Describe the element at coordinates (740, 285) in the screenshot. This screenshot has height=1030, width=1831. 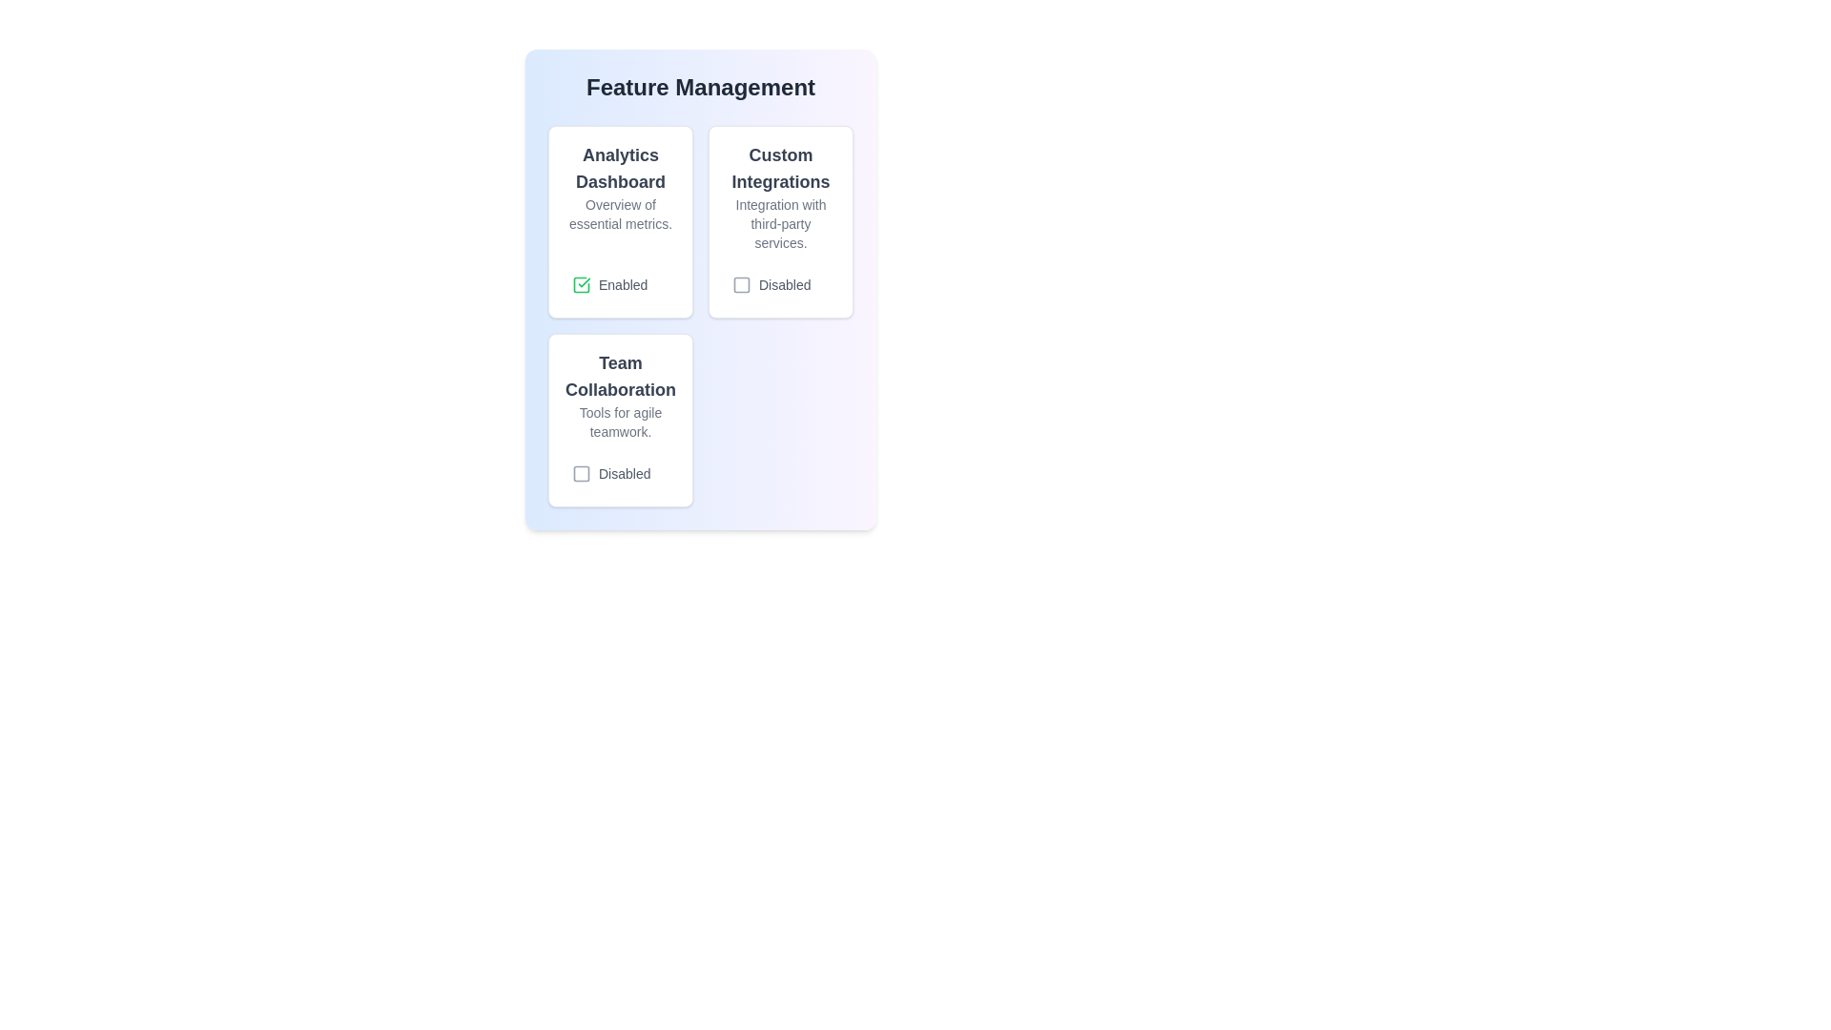
I see `the small square icon with rounded corners, styled with a red stroke, located to the left of the text 'Disabled' in the 'Custom Integrations' section` at that location.